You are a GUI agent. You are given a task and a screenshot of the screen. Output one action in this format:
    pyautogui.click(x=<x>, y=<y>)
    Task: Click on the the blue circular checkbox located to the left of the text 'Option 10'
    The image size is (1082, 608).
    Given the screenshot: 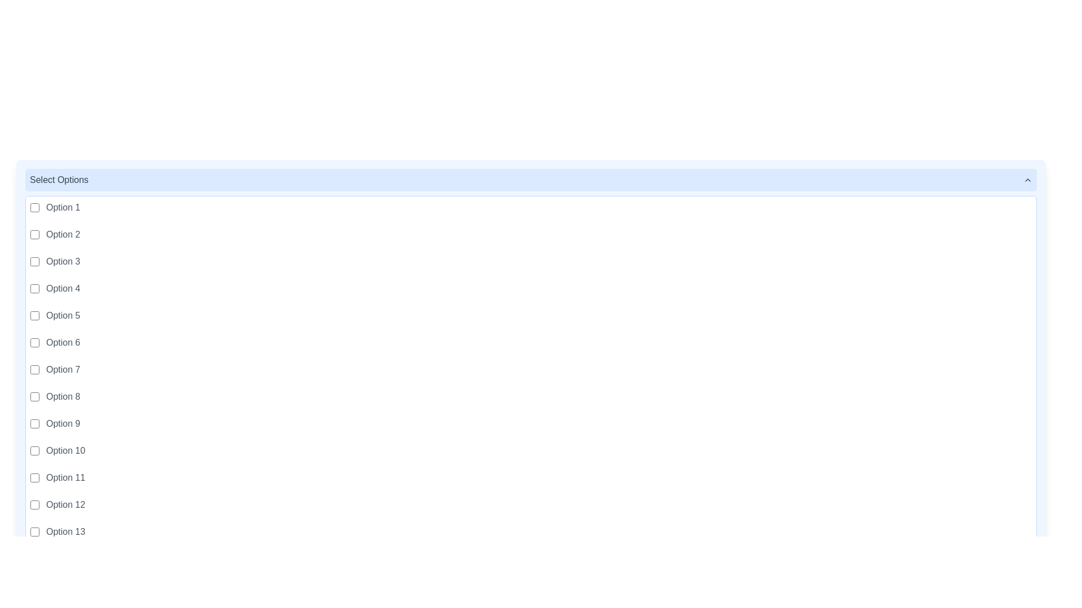 What is the action you would take?
    pyautogui.click(x=35, y=450)
    